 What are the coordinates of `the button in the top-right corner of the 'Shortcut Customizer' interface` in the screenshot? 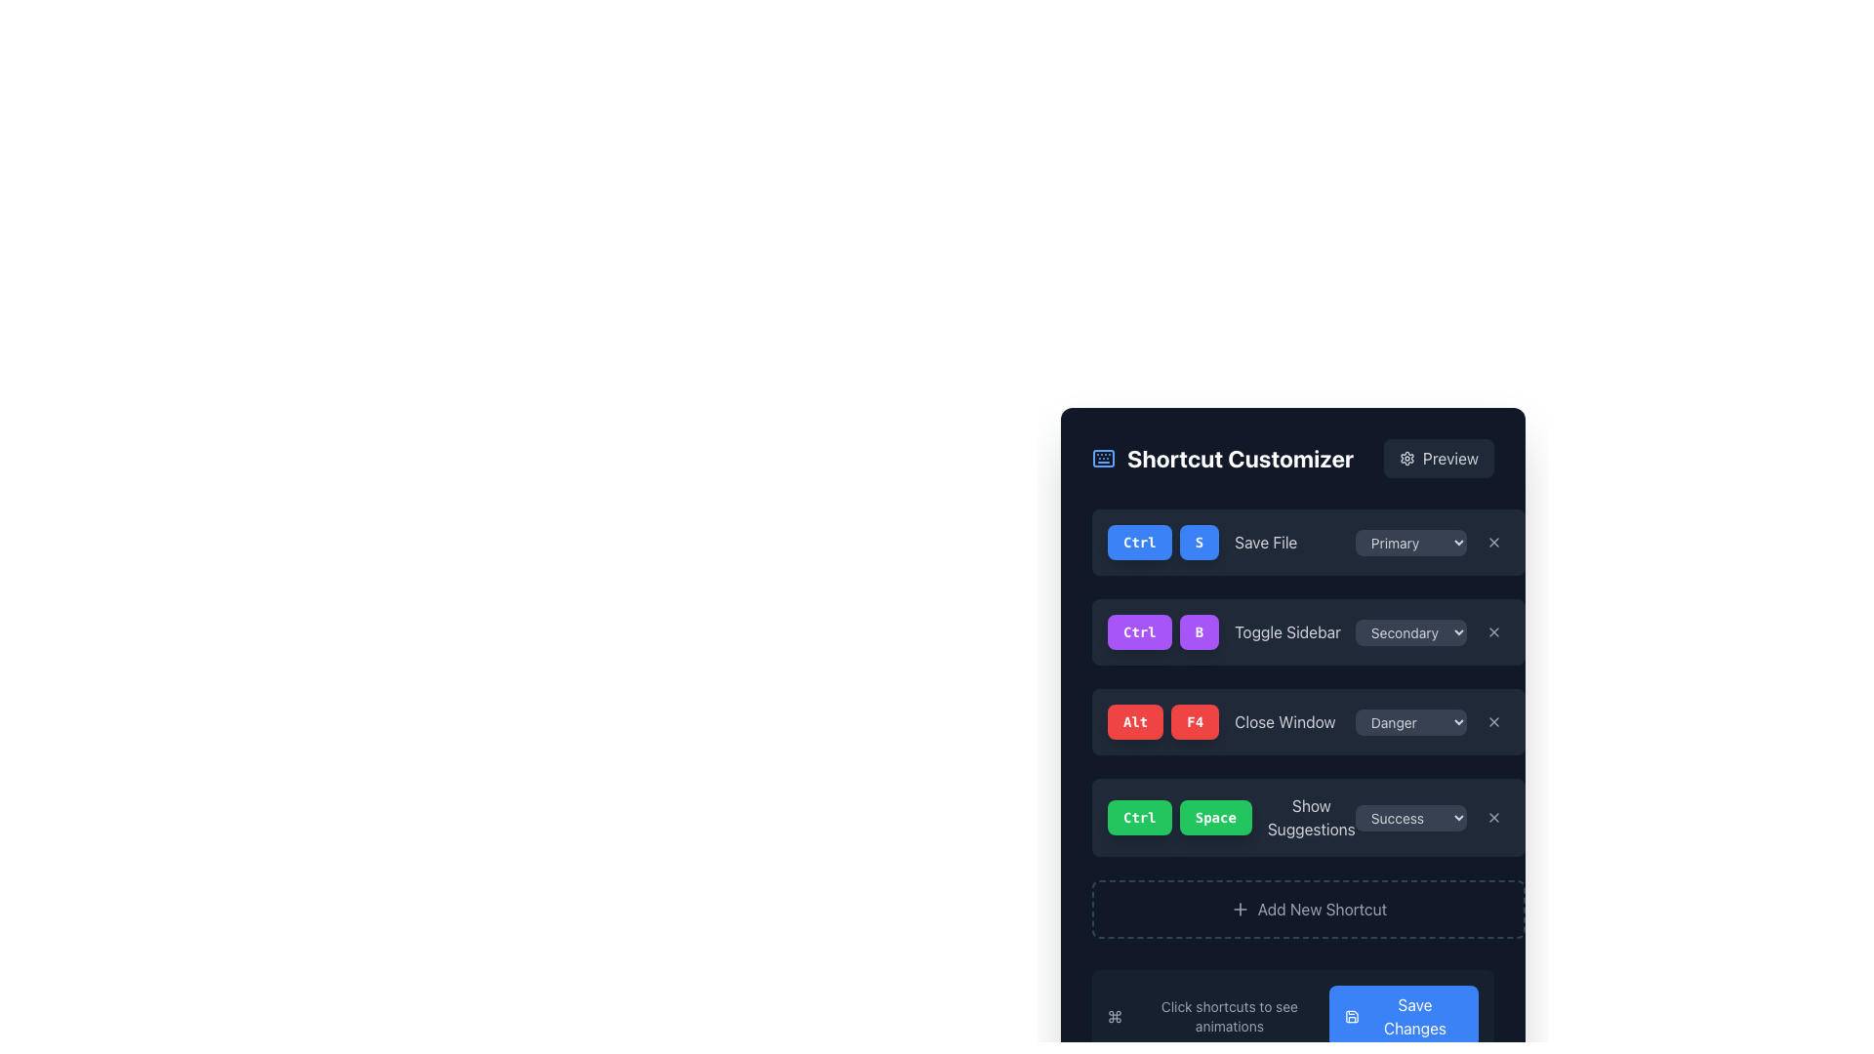 It's located at (1439, 459).